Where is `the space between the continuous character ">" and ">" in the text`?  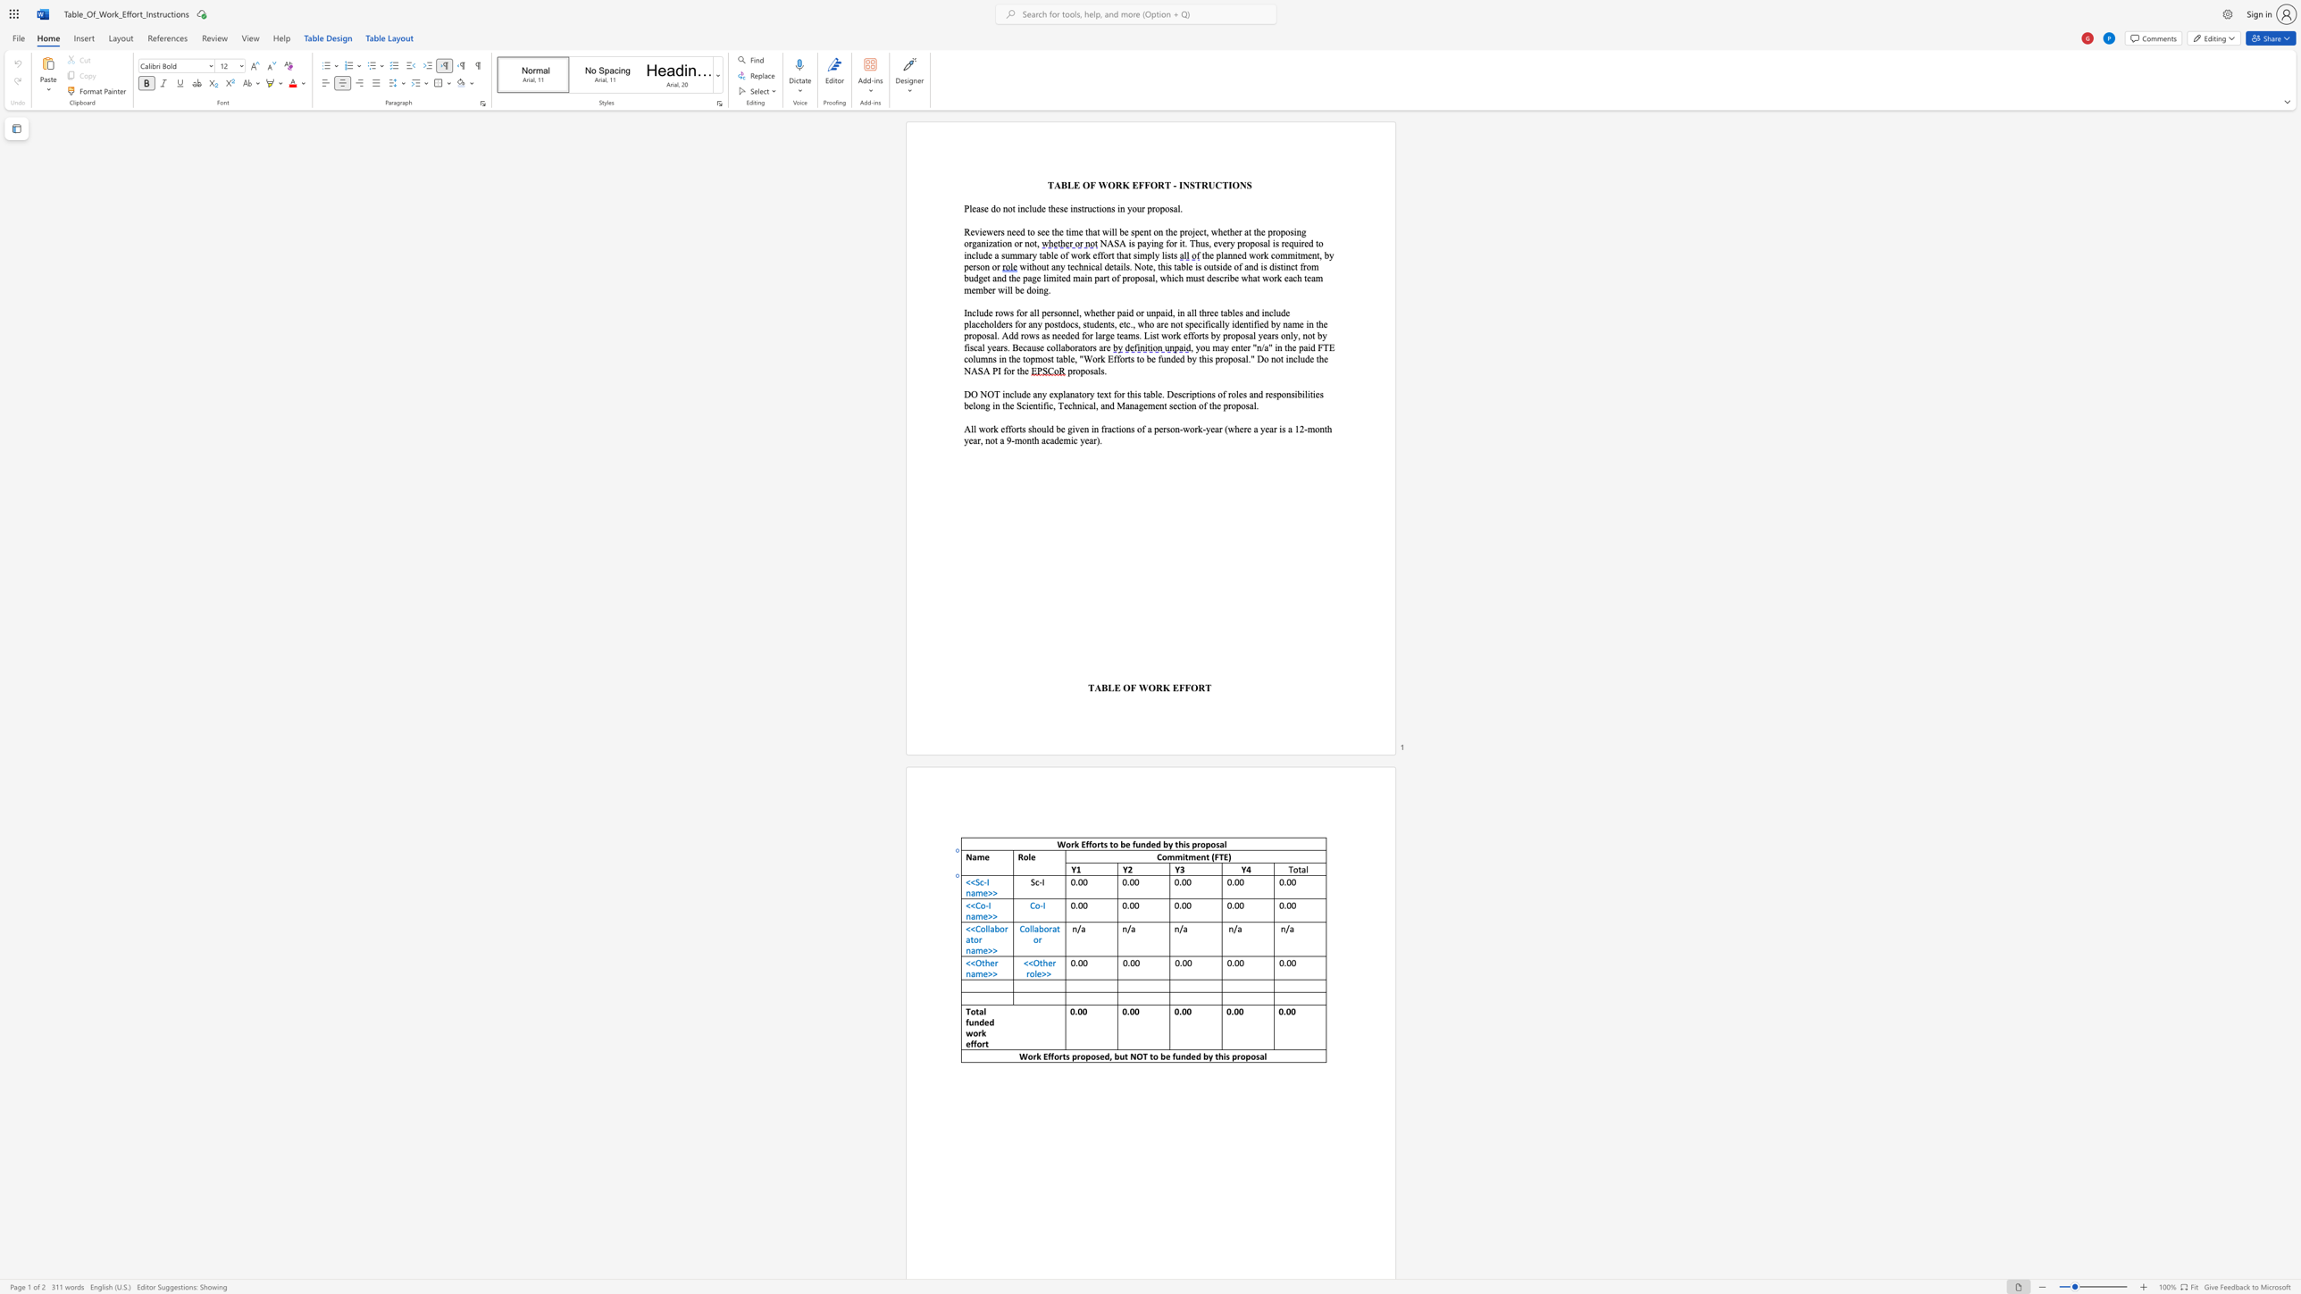 the space between the continuous character ">" and ">" in the text is located at coordinates (992, 891).